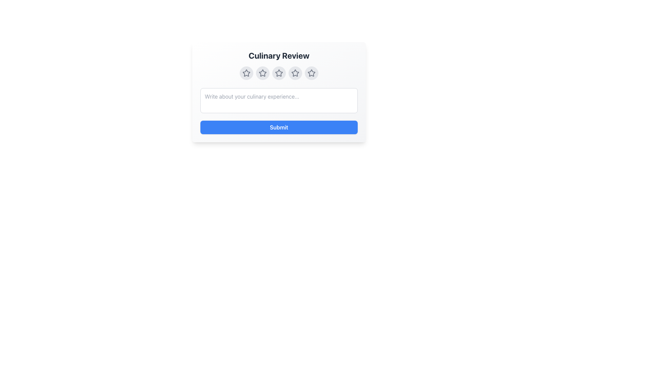 Image resolution: width=651 pixels, height=366 pixels. Describe the element at coordinates (295, 73) in the screenshot. I see `the interactive button with a star icon` at that location.